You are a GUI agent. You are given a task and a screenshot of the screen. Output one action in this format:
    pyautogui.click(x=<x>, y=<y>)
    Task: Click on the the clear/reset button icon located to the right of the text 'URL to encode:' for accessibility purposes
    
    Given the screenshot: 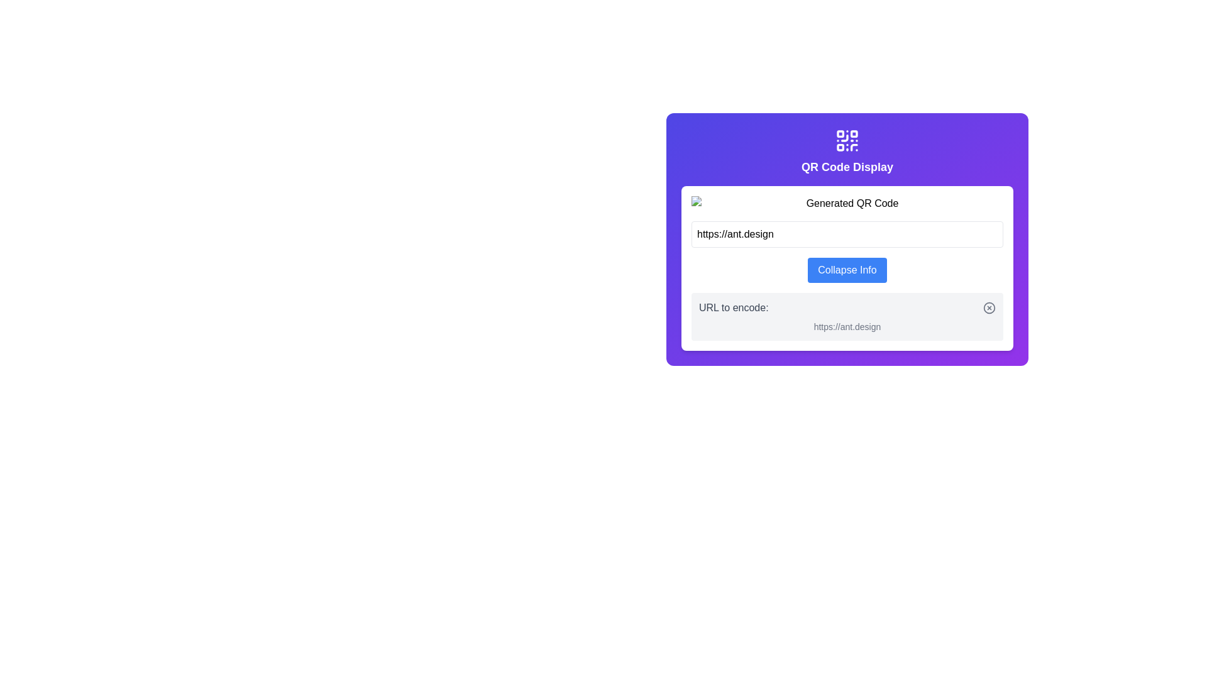 What is the action you would take?
    pyautogui.click(x=989, y=307)
    